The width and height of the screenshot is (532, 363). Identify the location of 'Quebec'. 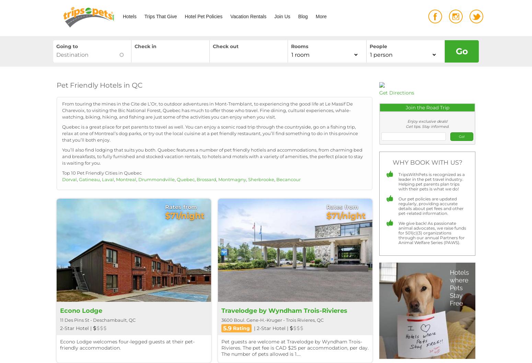
(185, 179).